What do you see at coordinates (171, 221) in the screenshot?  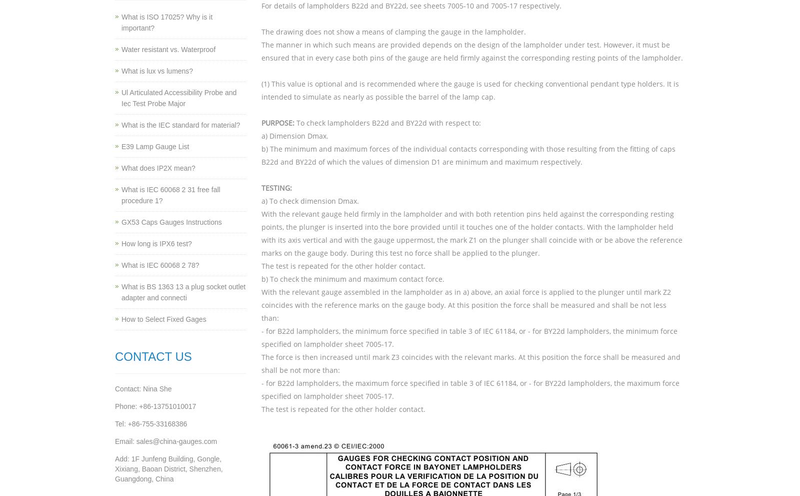 I see `'GX53 Caps Gauges Instructions'` at bounding box center [171, 221].